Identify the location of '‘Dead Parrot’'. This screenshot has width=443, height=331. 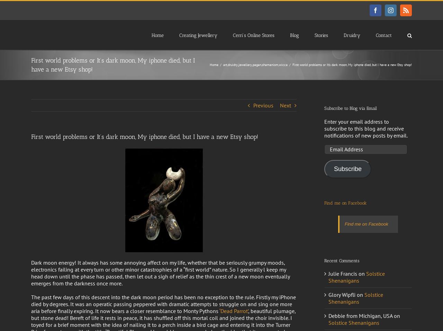
(234, 310).